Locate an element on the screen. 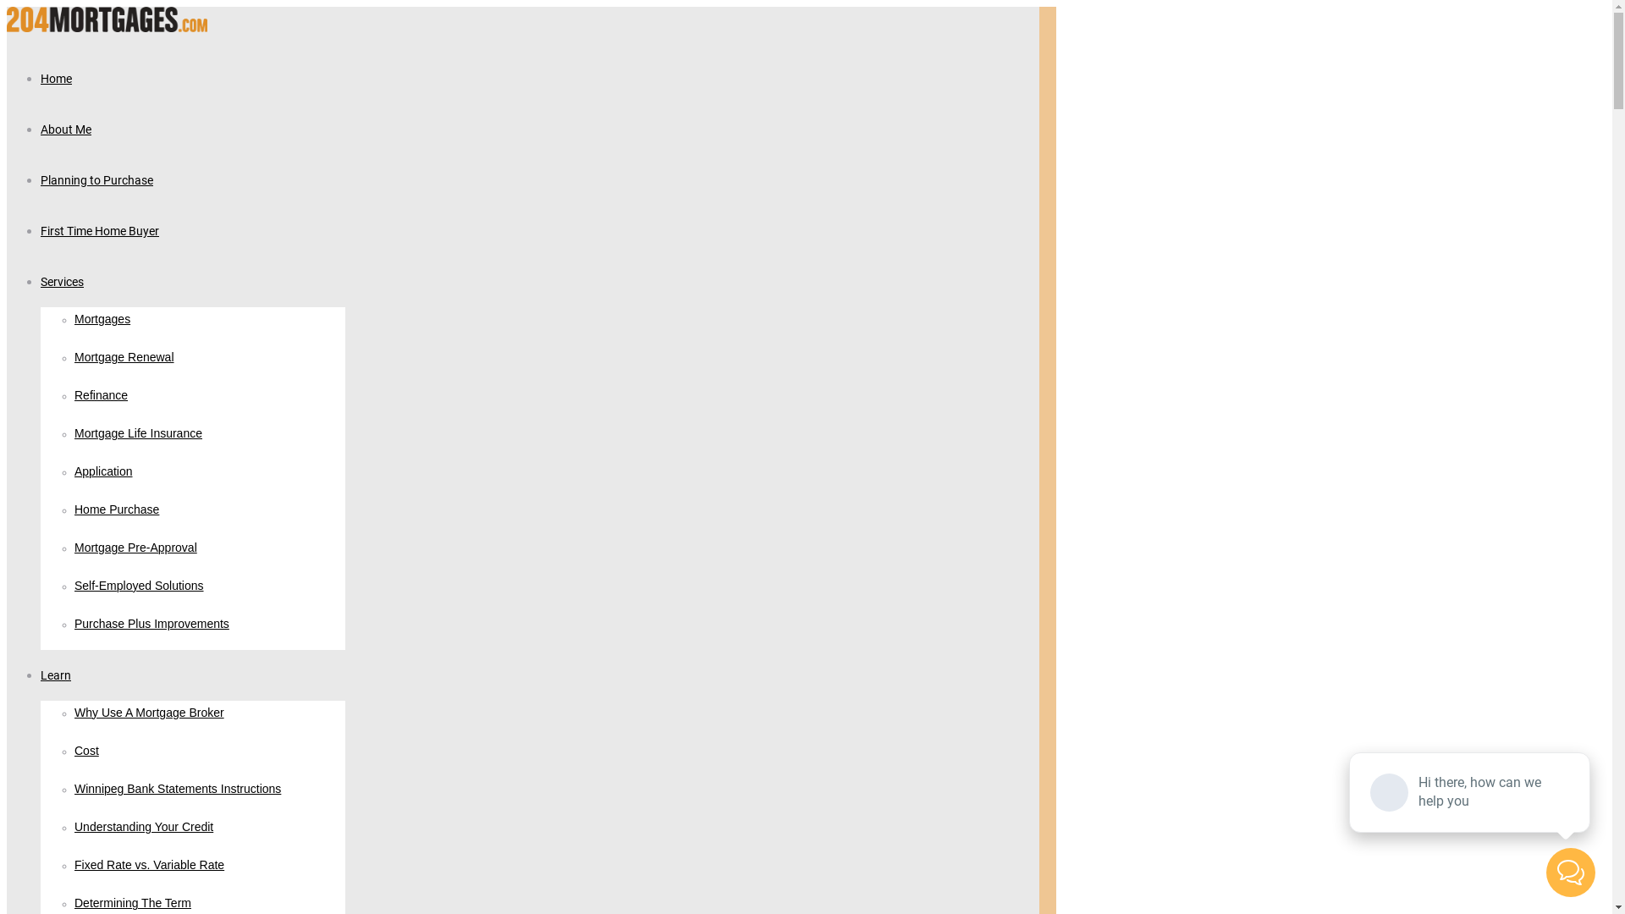  'Cost' is located at coordinates (73, 750).